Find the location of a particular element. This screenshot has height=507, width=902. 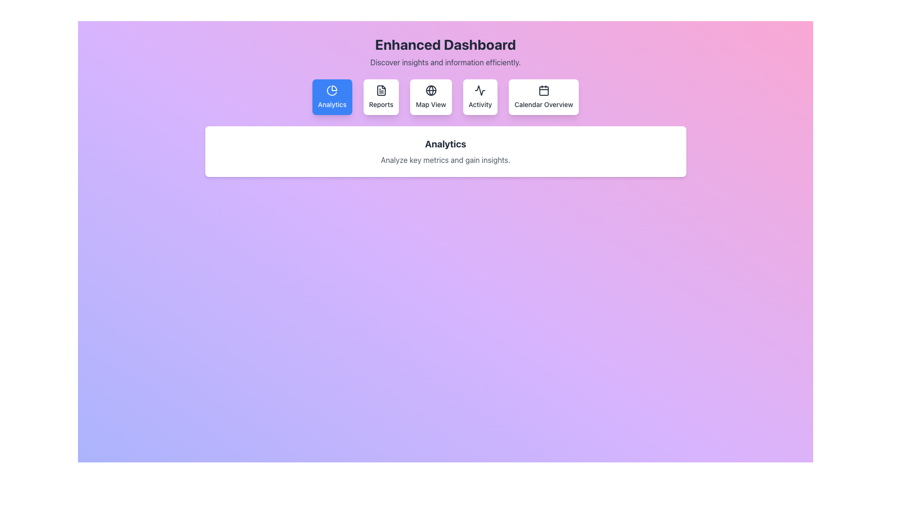

the two-line text header displaying 'Enhanced Dashboard' that is centered at the top of the interface is located at coordinates (445, 52).